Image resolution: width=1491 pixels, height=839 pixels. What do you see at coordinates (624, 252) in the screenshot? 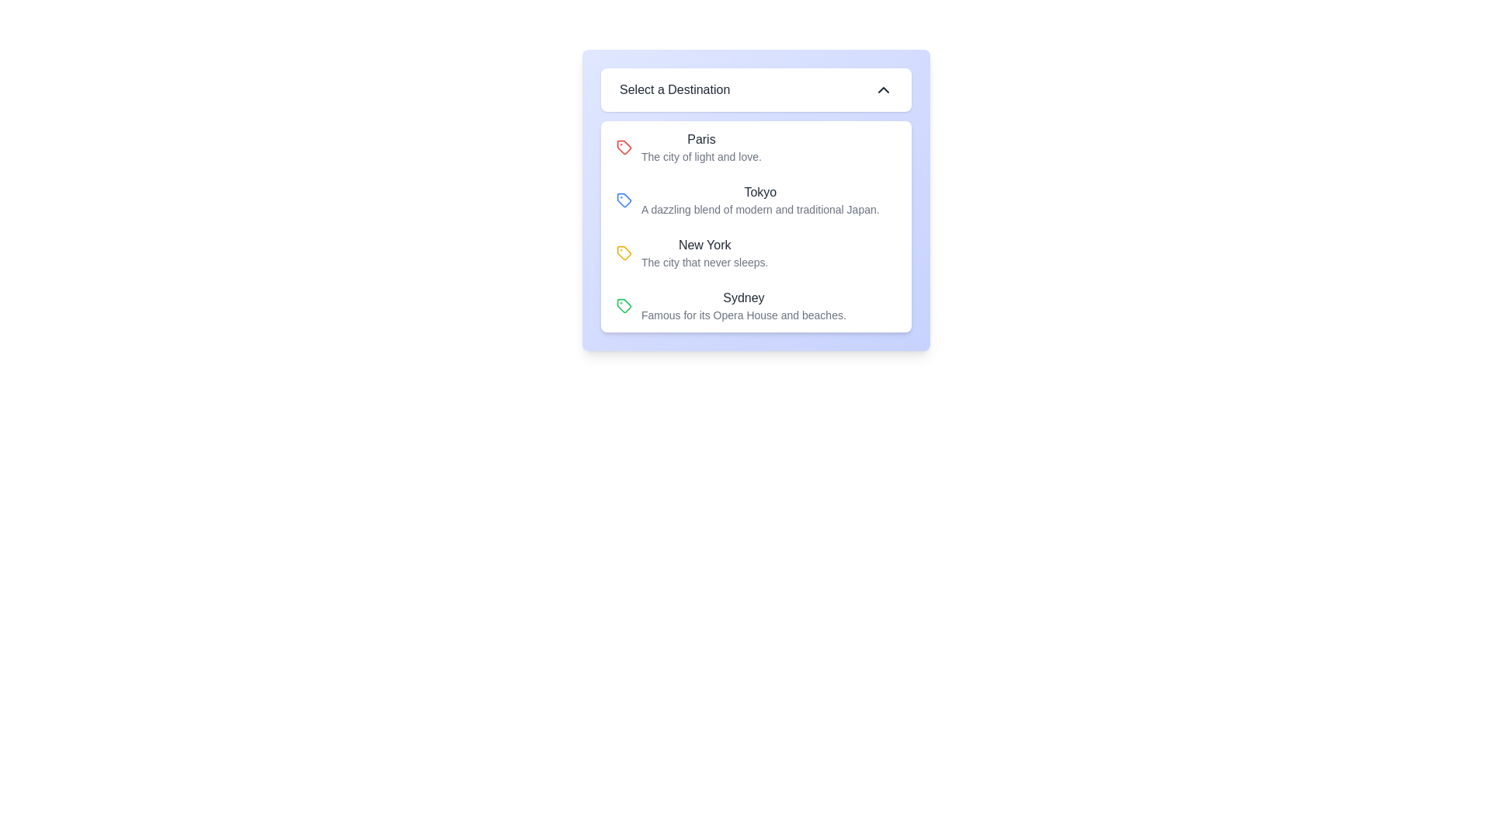
I see `the 'New York' icon located at the beginning of the list item in the dropdown menu` at bounding box center [624, 252].